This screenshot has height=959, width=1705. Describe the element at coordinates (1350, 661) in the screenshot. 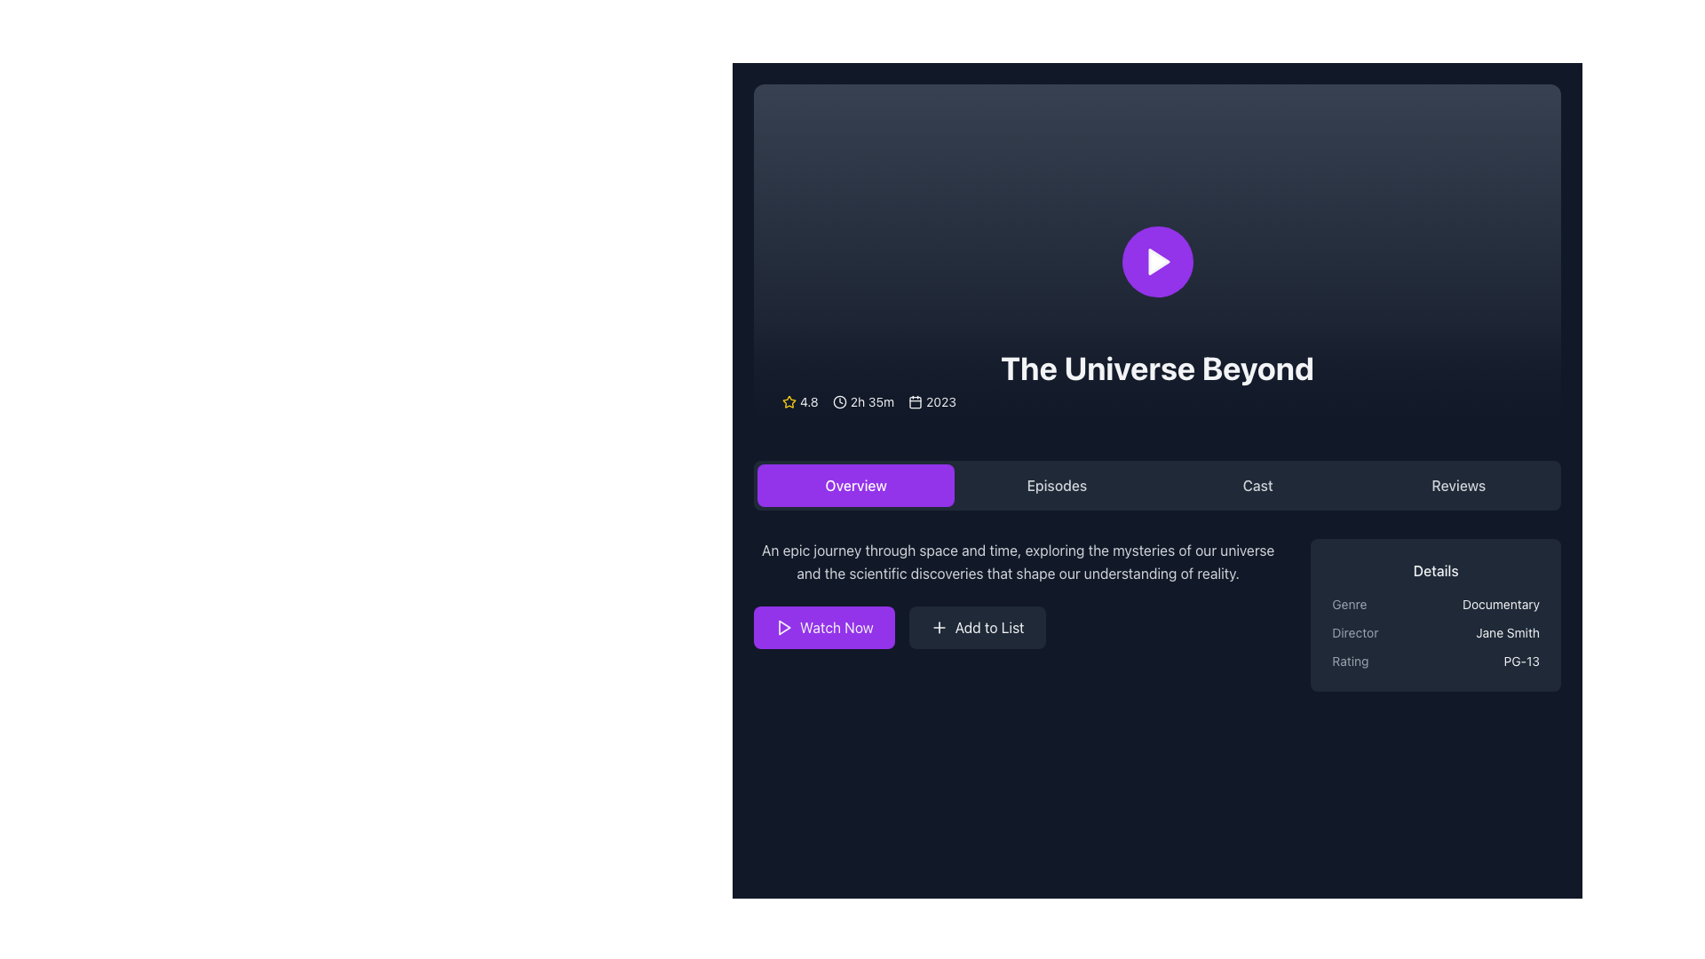

I see `the label indicating the rating of the content, which is located in the 'Details' section to the left of the rating value 'PG-13'` at that location.